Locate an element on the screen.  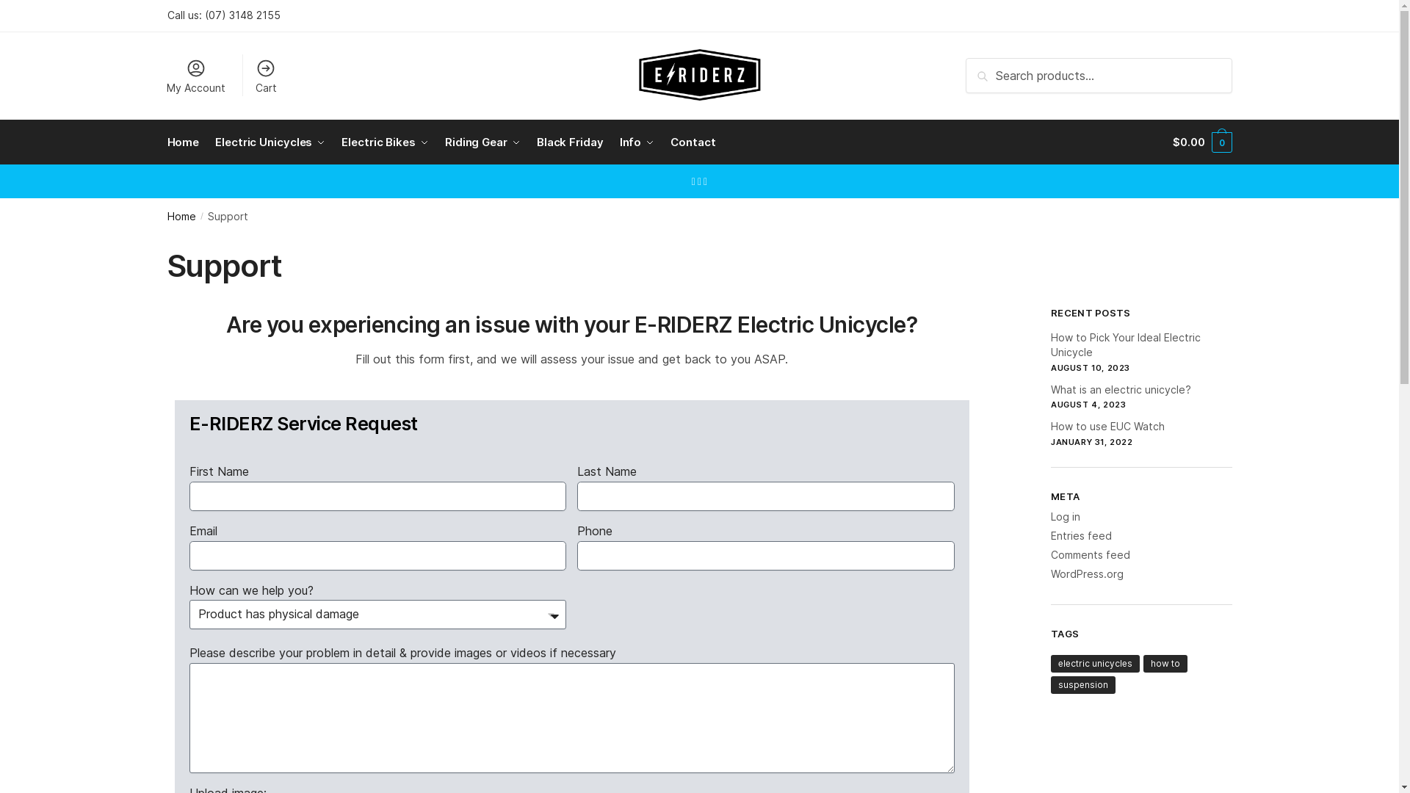
'$0.00 0' is located at coordinates (1201, 142).